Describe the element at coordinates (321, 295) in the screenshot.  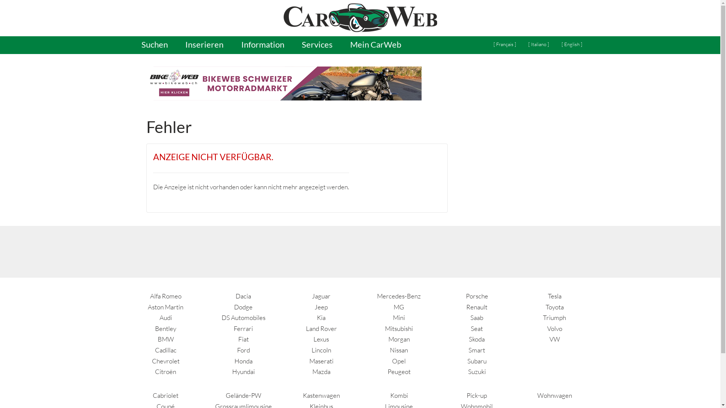
I see `'Jaguar'` at that location.